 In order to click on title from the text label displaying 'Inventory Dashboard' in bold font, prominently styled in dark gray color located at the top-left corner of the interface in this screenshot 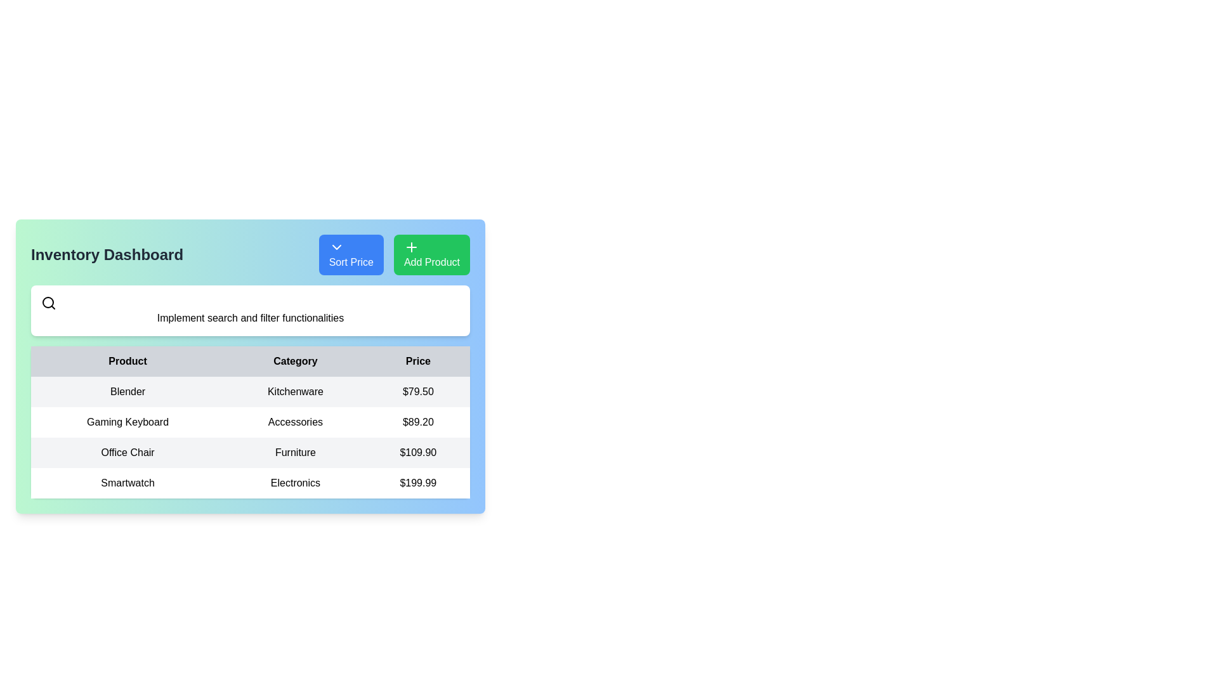, I will do `click(107, 254)`.